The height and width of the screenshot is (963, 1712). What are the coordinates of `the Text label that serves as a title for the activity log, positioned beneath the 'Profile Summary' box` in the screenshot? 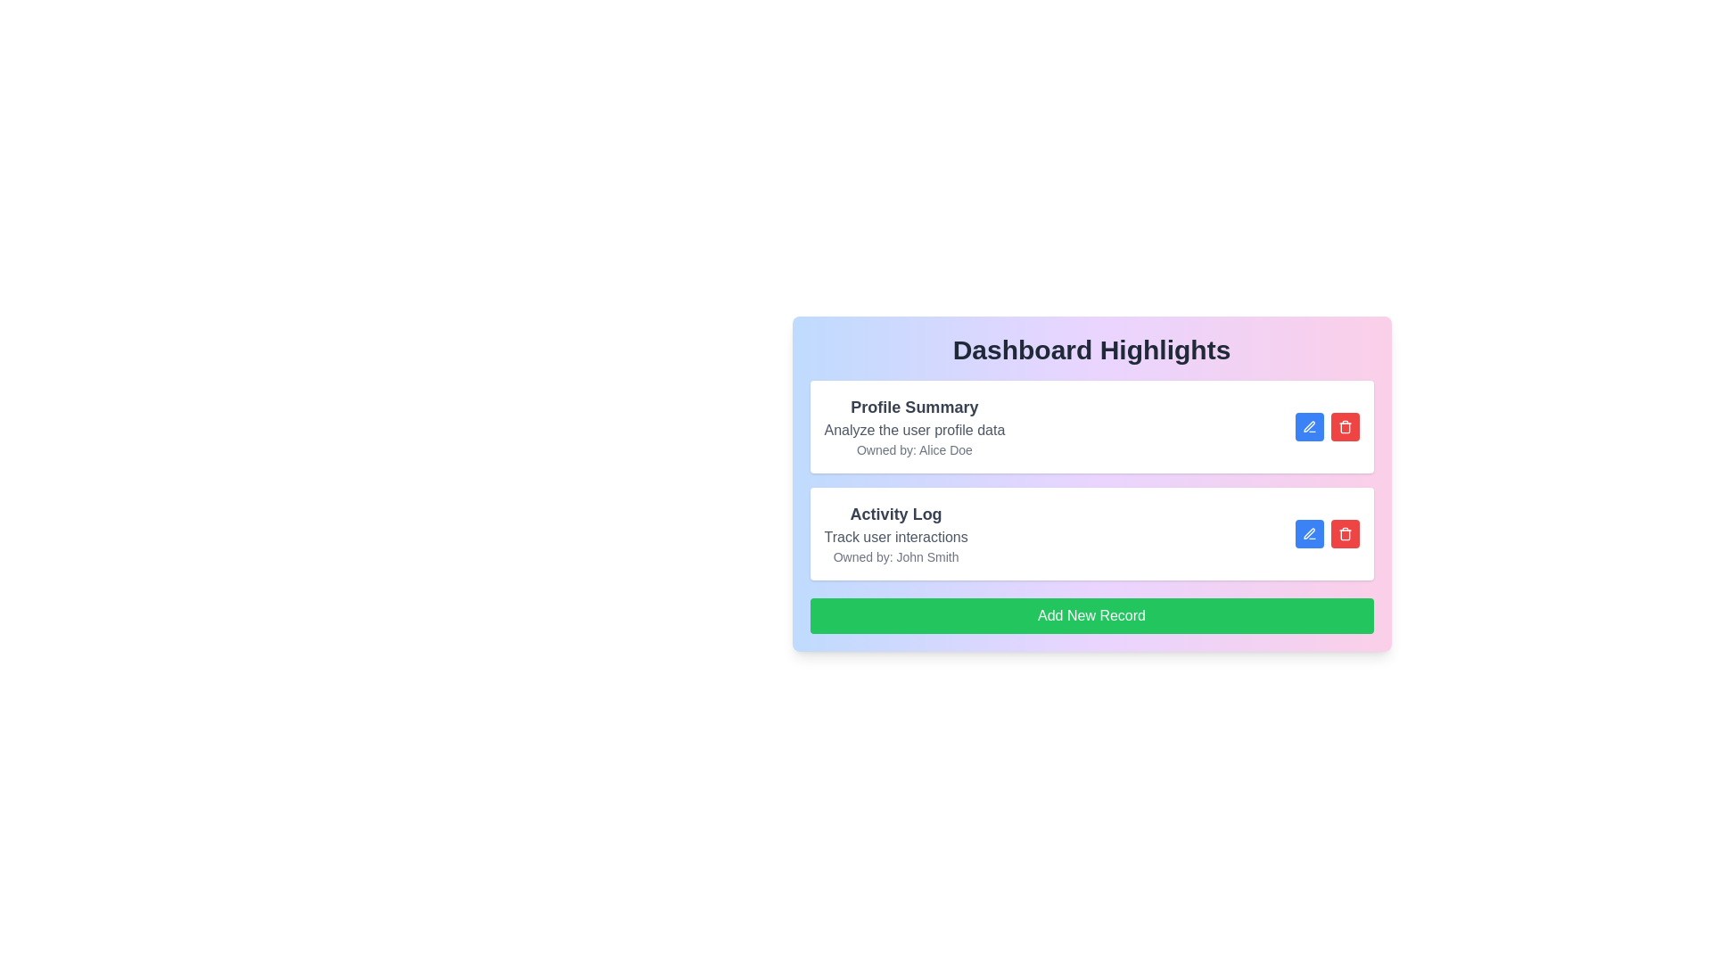 It's located at (896, 514).